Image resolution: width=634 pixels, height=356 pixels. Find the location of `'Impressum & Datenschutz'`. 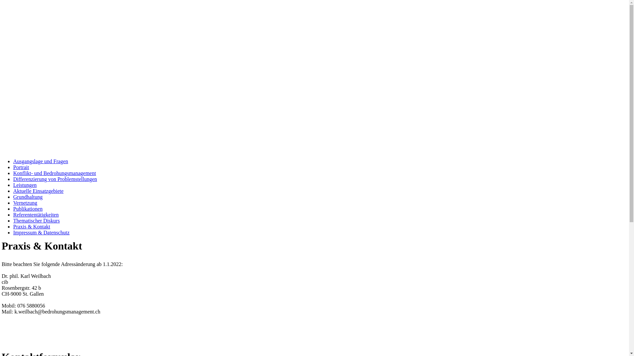

'Impressum & Datenschutz' is located at coordinates (41, 232).